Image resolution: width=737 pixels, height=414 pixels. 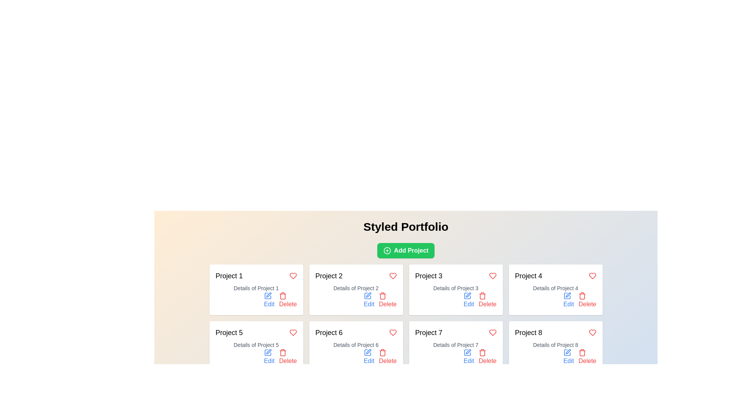 I want to click on the 'Delete' button associated with 'Project 4', which features a red trash can icon, so click(x=582, y=296).